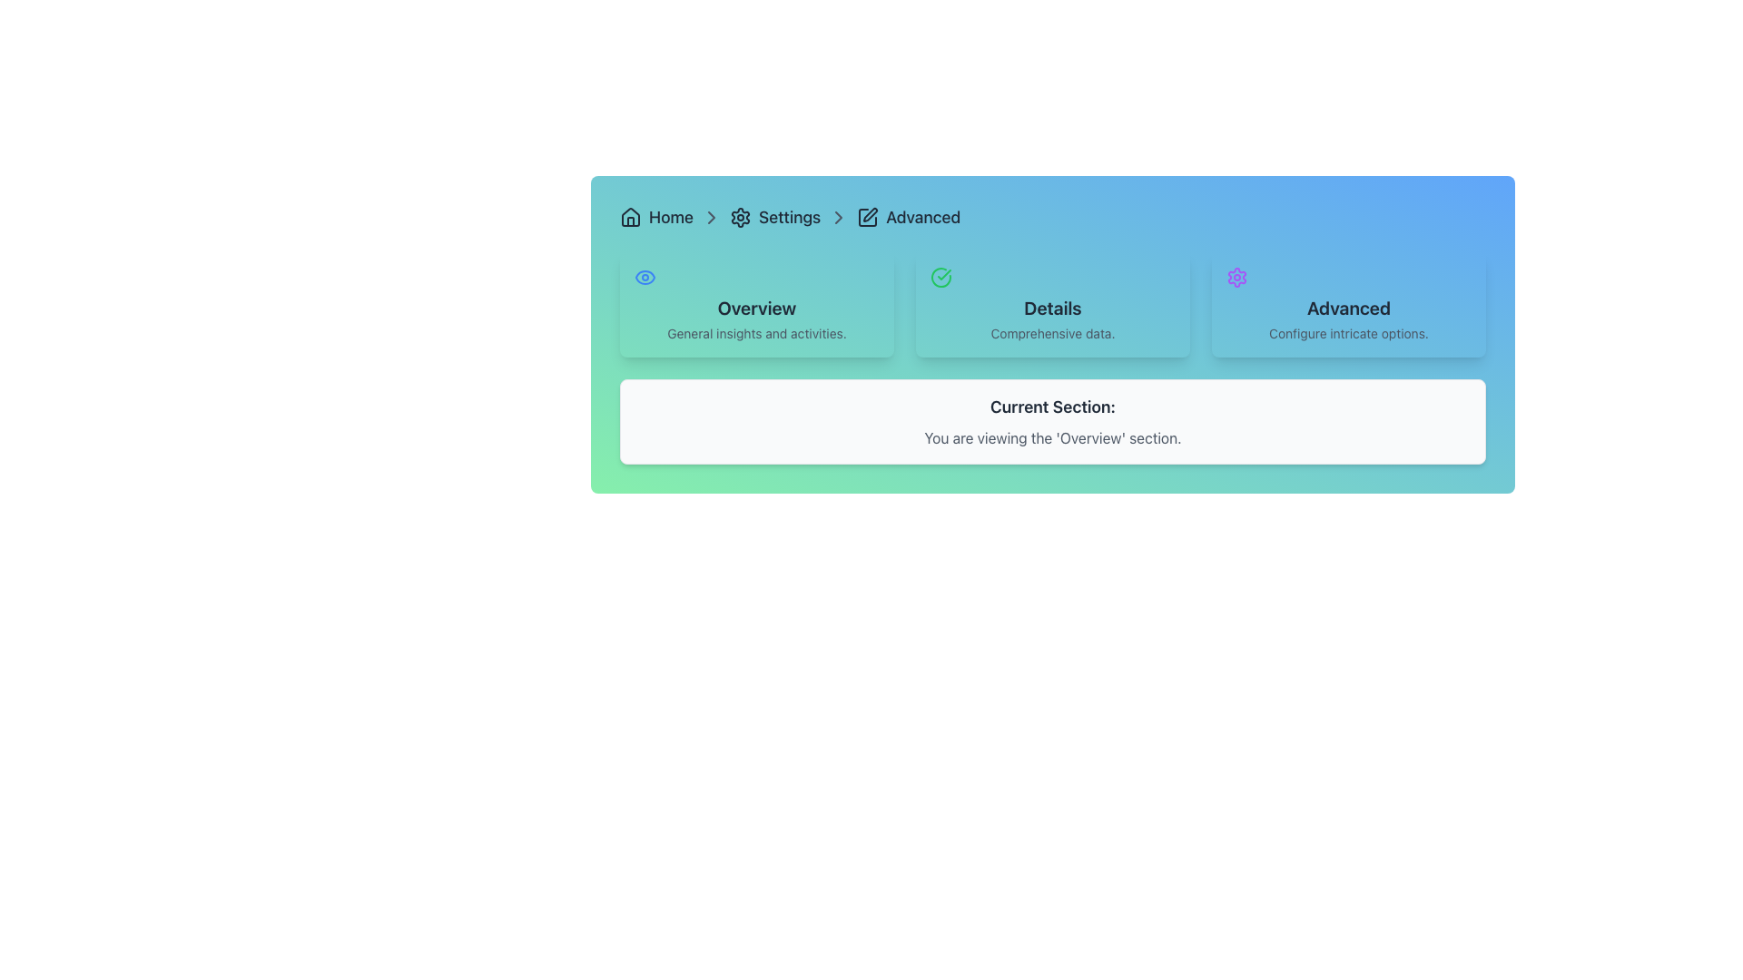 The height and width of the screenshot is (980, 1743). What do you see at coordinates (1236, 277) in the screenshot?
I see `the purple gear-shaped icon located in the 'Settings' section above the 'Advanced' card` at bounding box center [1236, 277].